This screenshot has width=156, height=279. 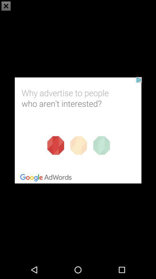 I want to click on the close icon, so click(x=6, y=6).